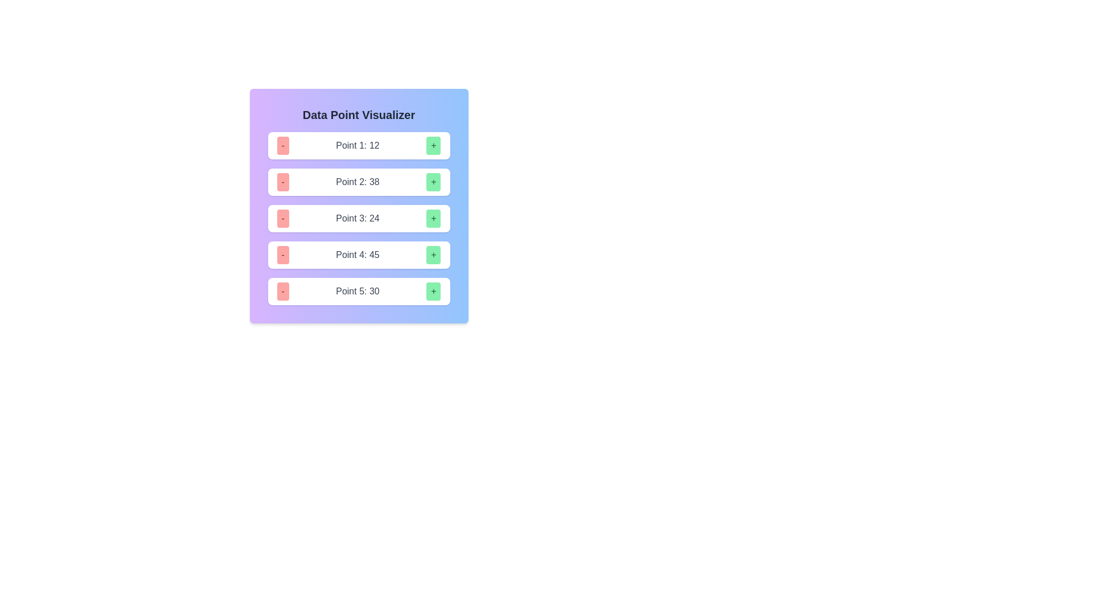 This screenshot has width=1093, height=615. Describe the element at coordinates (433, 291) in the screenshot. I see `the fifth '+' button located in the bottom-right corner of the white card-like structure associated with 'Point 5: 30' to increment the value` at that location.